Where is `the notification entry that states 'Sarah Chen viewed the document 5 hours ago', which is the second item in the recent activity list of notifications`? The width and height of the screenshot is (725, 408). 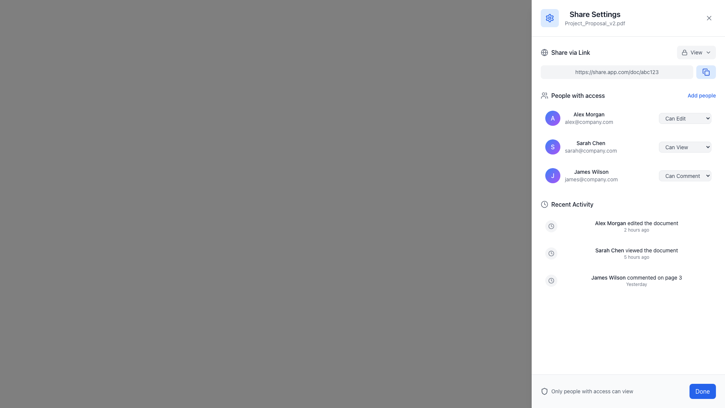
the notification entry that states 'Sarah Chen viewed the document 5 hours ago', which is the second item in the recent activity list of notifications is located at coordinates (628, 253).